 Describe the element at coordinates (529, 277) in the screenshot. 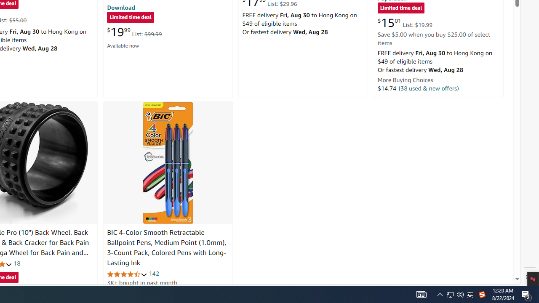

I see `'Settings'` at that location.